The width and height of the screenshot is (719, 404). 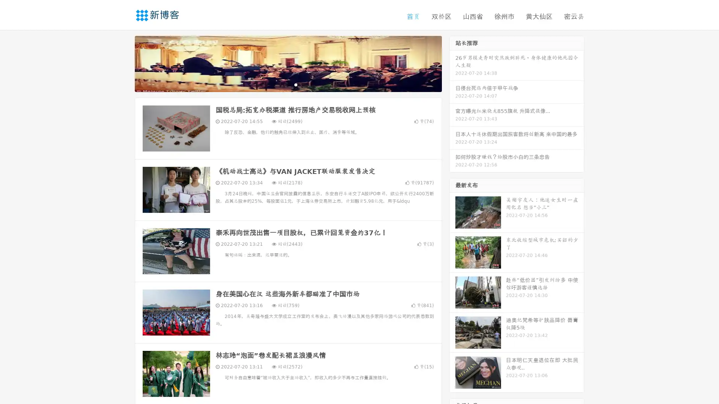 I want to click on Next slide, so click(x=452, y=63).